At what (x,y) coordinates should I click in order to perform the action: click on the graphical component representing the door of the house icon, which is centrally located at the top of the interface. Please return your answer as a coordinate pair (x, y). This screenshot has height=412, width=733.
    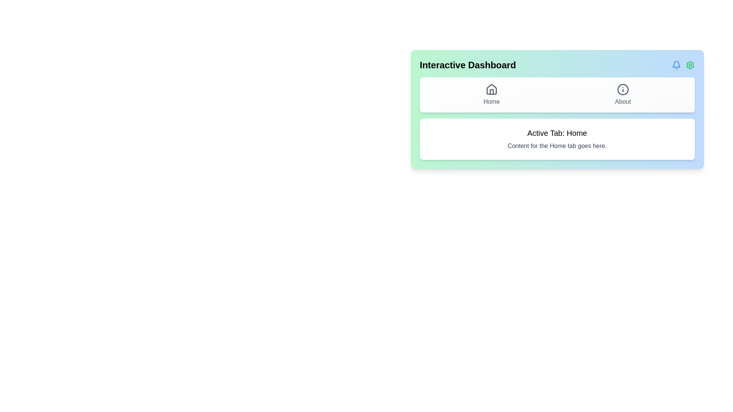
    Looking at the image, I should click on (491, 91).